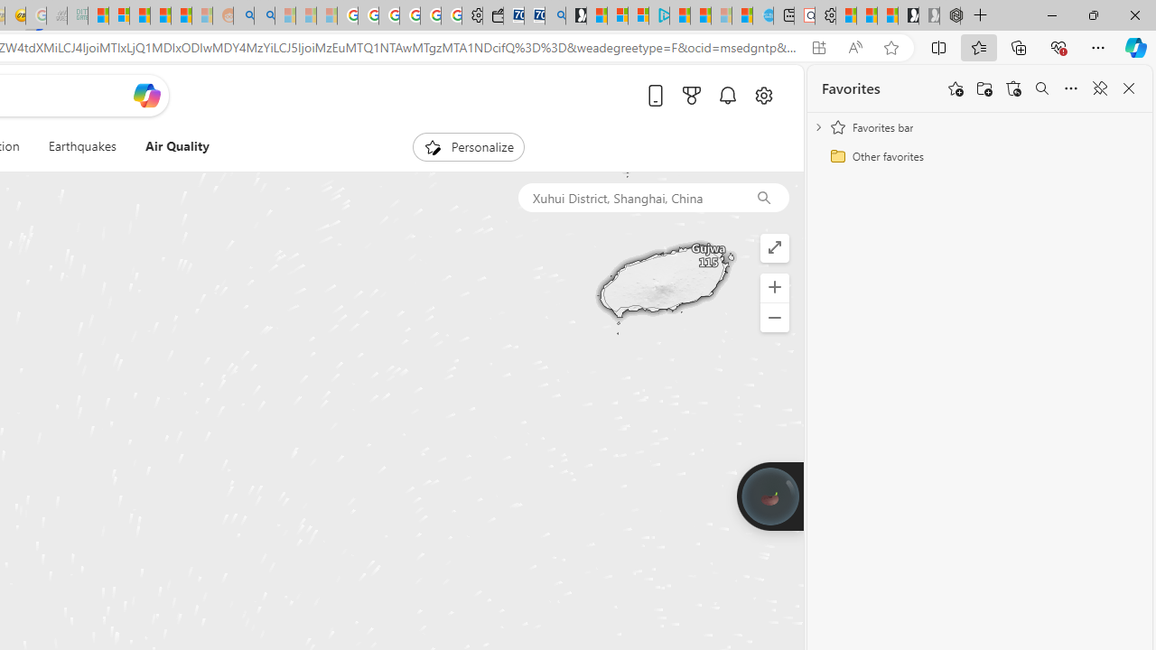 The height and width of the screenshot is (650, 1156). What do you see at coordinates (77, 15) in the screenshot?
I see `'DITOGAMES AG Imprint - Sleeping'` at bounding box center [77, 15].